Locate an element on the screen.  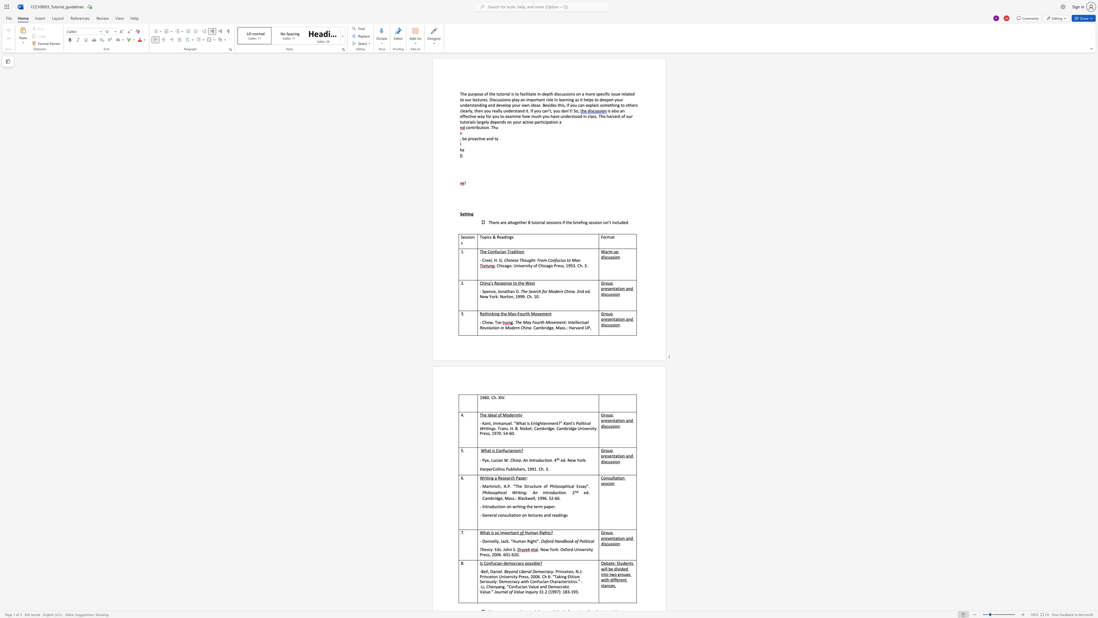
the subset text "cuss" within the text "Group presentation and discussion" is located at coordinates (606, 461).